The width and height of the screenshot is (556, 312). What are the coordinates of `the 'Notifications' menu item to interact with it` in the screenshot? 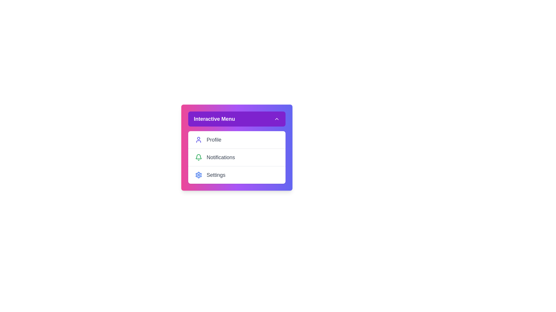 It's located at (237, 157).